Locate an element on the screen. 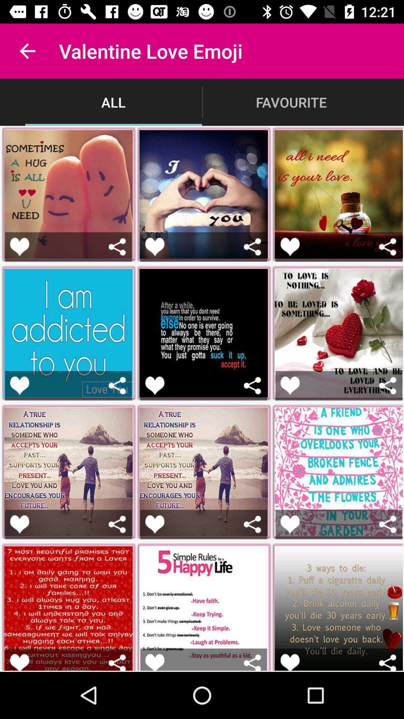 The image size is (404, 719). share the image is located at coordinates (252, 385).